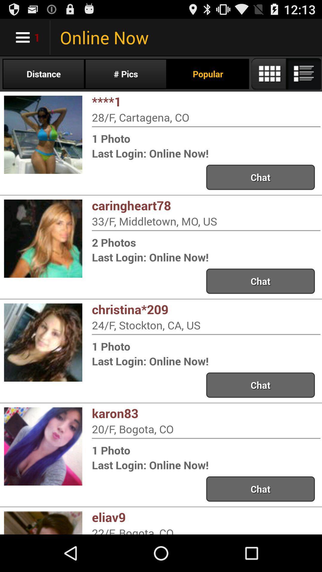  Describe the element at coordinates (285, 74) in the screenshot. I see `grid view` at that location.